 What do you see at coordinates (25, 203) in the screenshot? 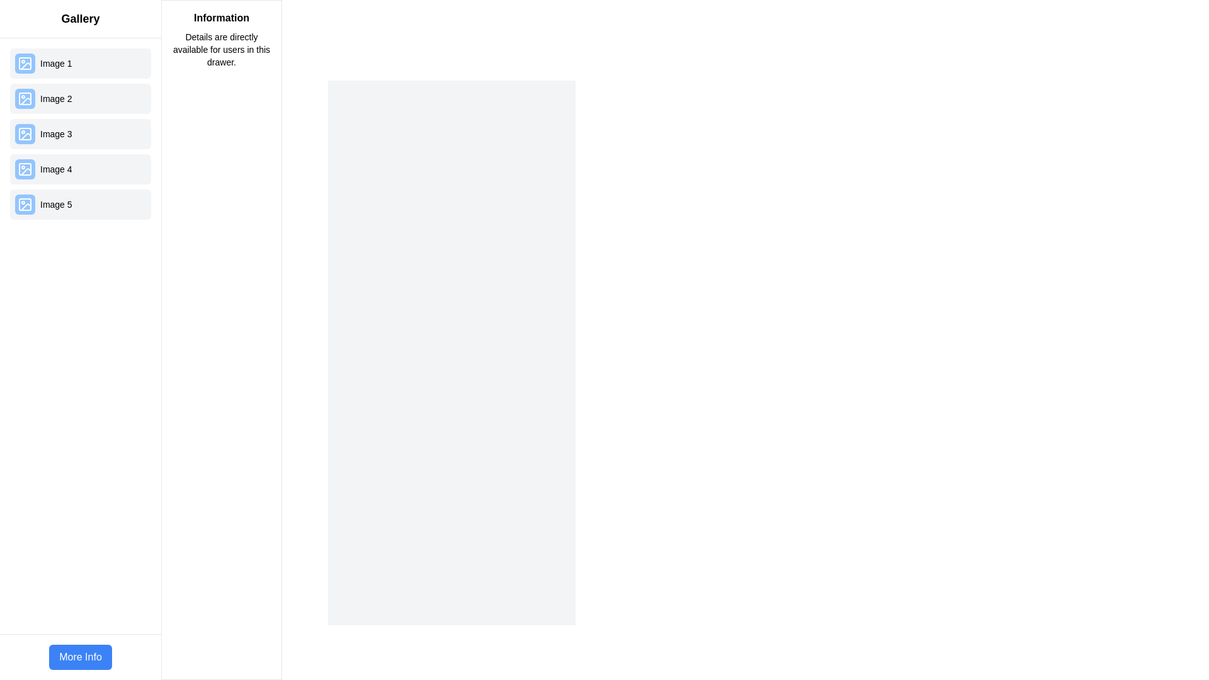
I see `the icon representing the fifth image in the vertical list under the 'Gallery' section` at bounding box center [25, 203].